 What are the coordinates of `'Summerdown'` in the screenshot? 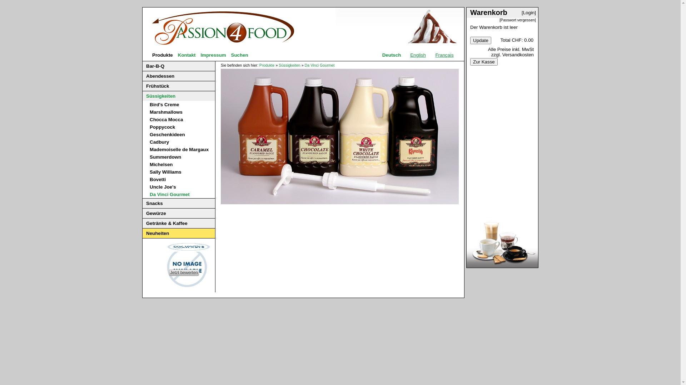 It's located at (165, 156).